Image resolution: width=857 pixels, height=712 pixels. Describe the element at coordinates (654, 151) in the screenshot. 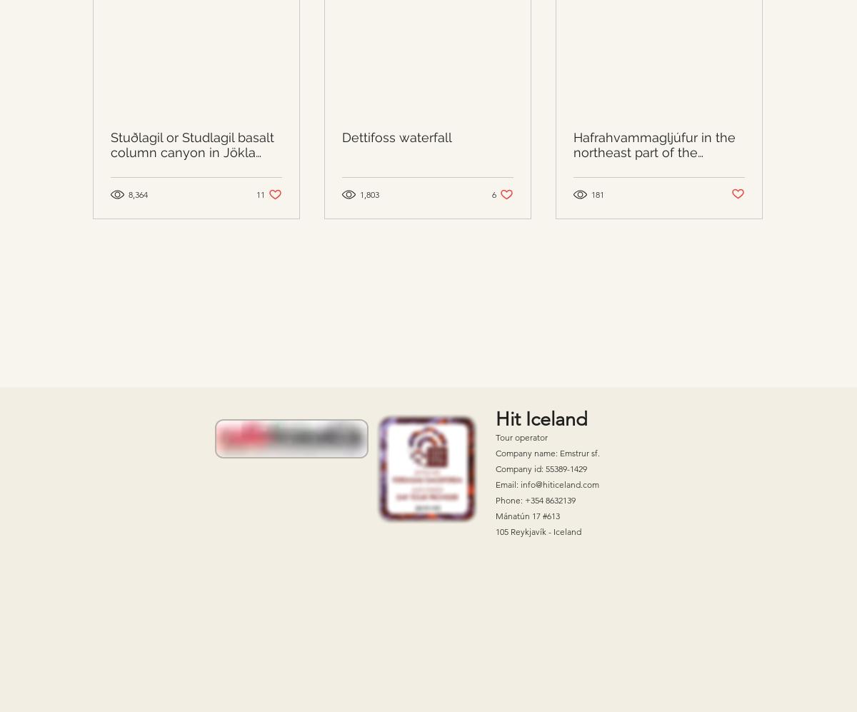

I see `'Hafrahvammagljúfur in the northeast part of the Highland'` at that location.